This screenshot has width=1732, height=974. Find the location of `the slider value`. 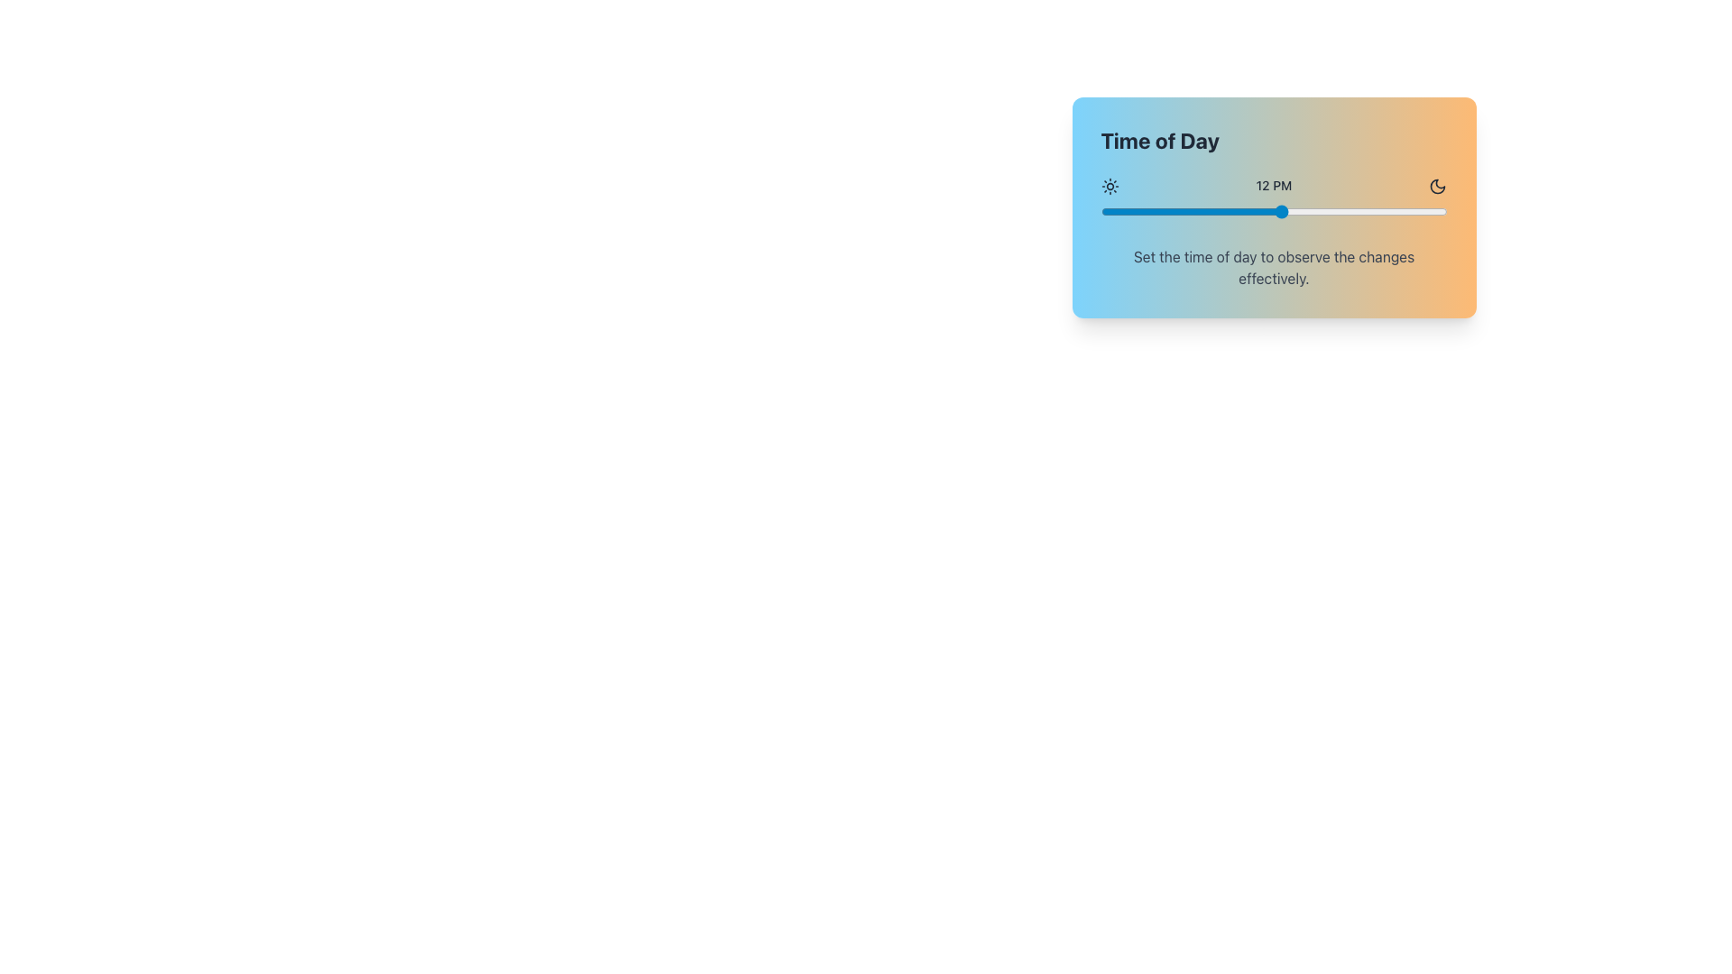

the slider value is located at coordinates (1341, 211).